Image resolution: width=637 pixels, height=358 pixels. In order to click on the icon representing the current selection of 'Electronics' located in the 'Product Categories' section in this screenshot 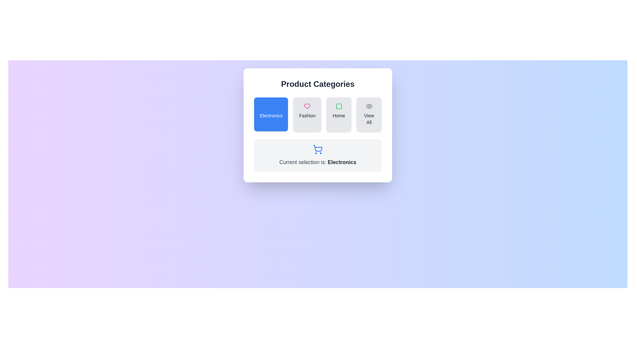, I will do `click(318, 149)`.